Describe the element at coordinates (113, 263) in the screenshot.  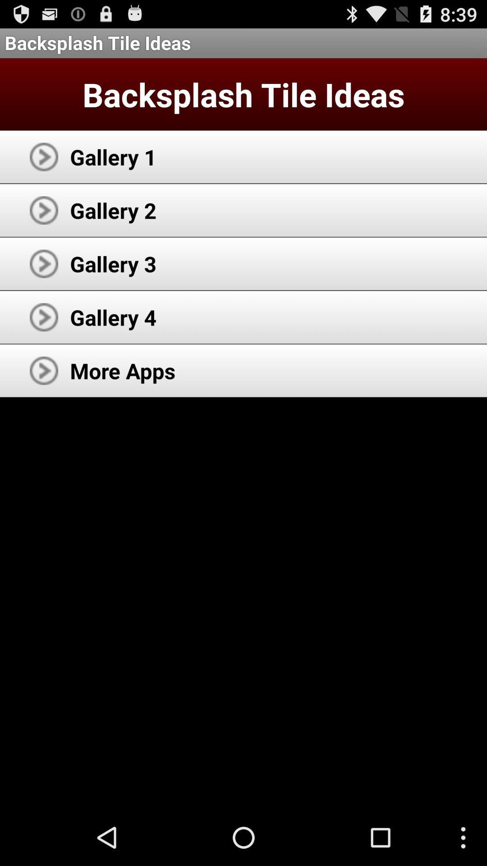
I see `the icon above gallery 4 app` at that location.